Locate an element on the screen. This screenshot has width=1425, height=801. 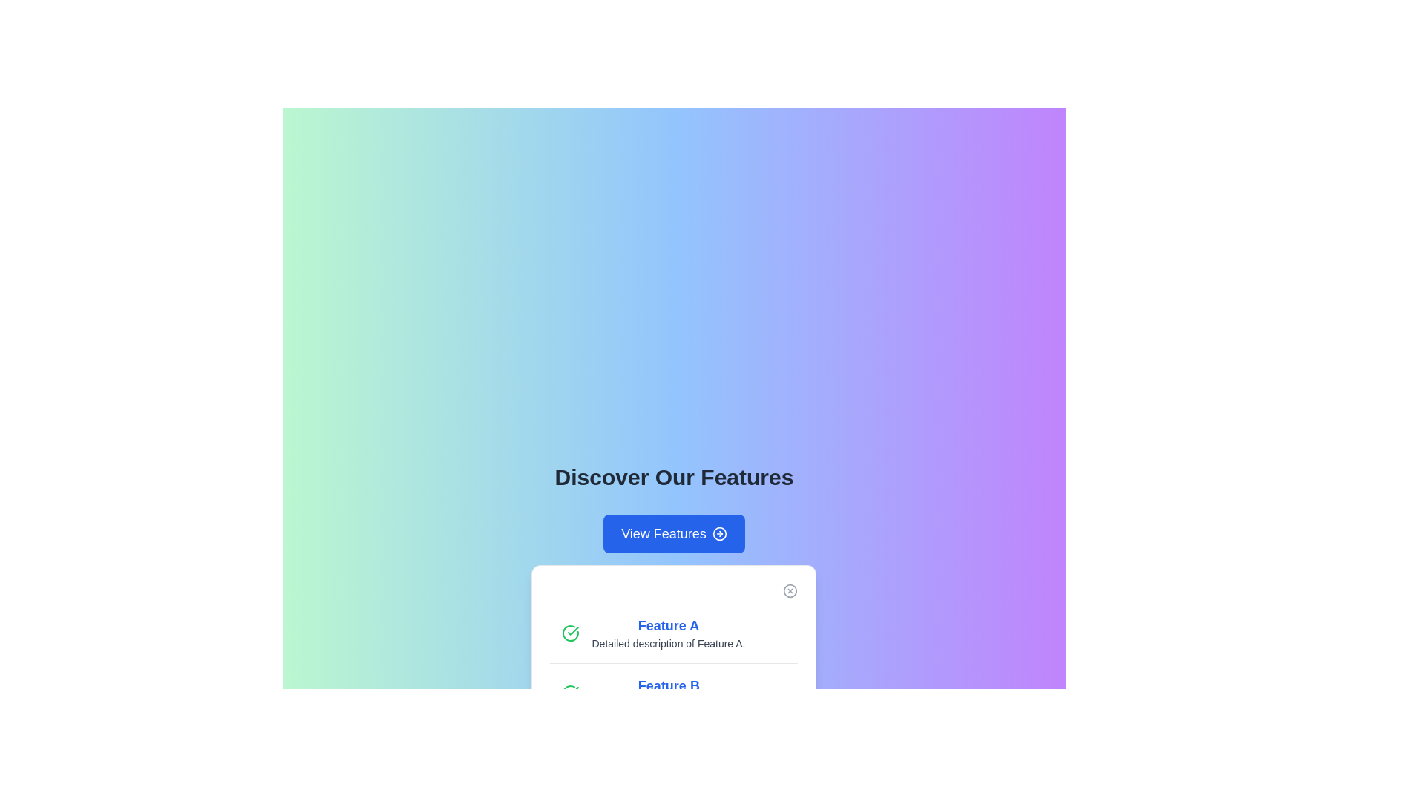
the icon of type circle with an arrow pointing right, located slightly to the right side of the 'View Features' button, to interact with it is located at coordinates (719, 534).